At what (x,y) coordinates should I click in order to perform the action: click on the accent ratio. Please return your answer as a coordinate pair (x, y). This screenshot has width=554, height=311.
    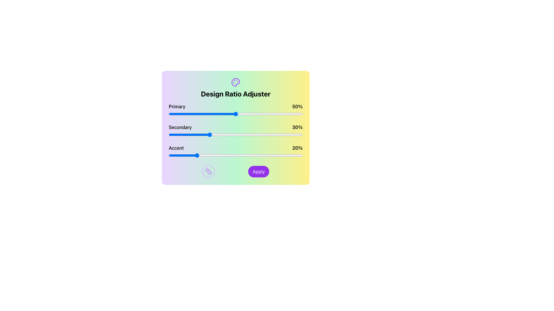
    Looking at the image, I should click on (262, 155).